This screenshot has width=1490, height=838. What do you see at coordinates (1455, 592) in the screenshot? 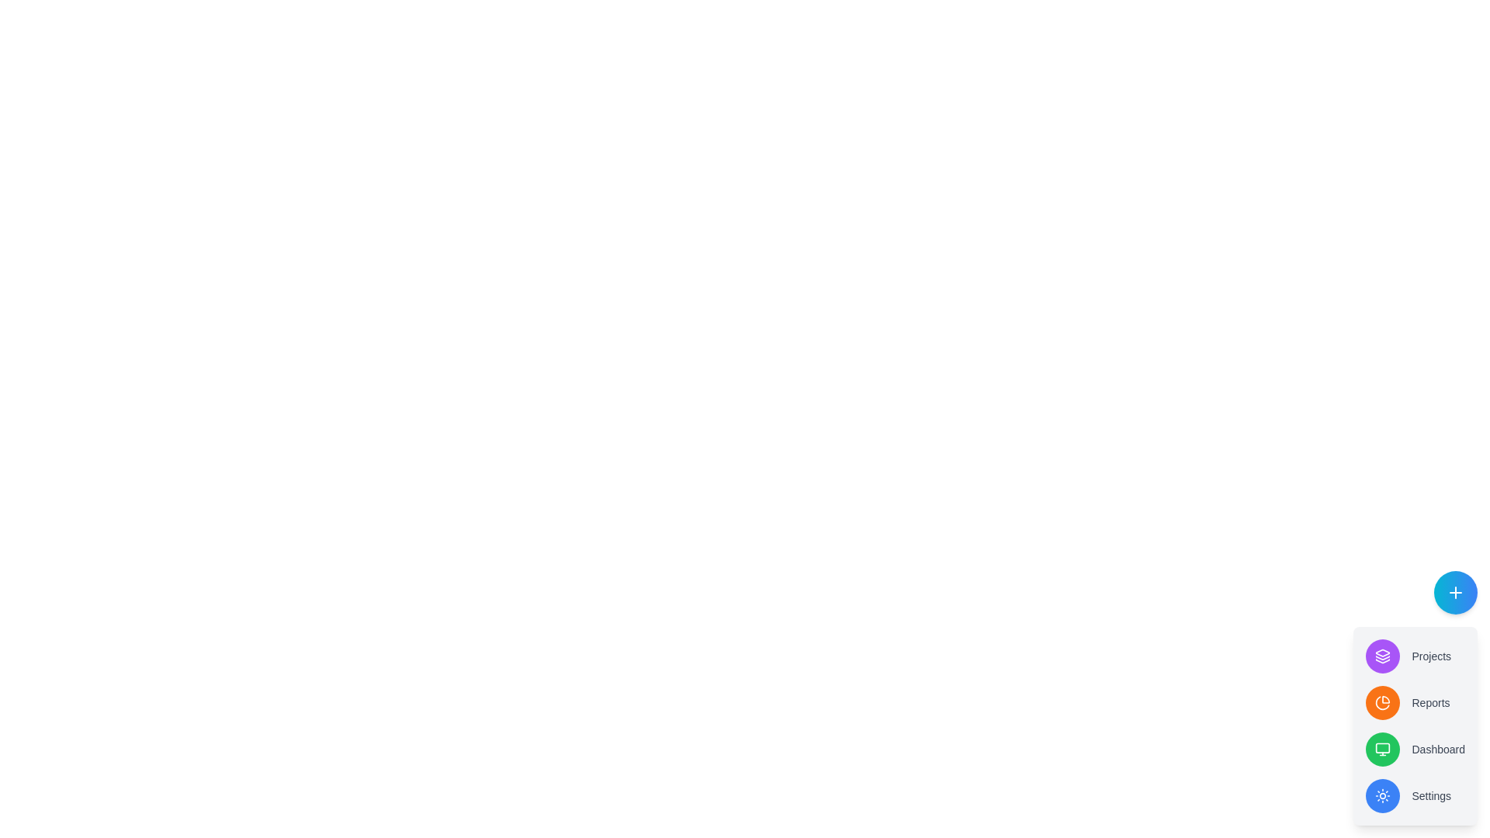
I see `the topmost button in the vertically aligned menu bar located at the bottom right corner` at bounding box center [1455, 592].